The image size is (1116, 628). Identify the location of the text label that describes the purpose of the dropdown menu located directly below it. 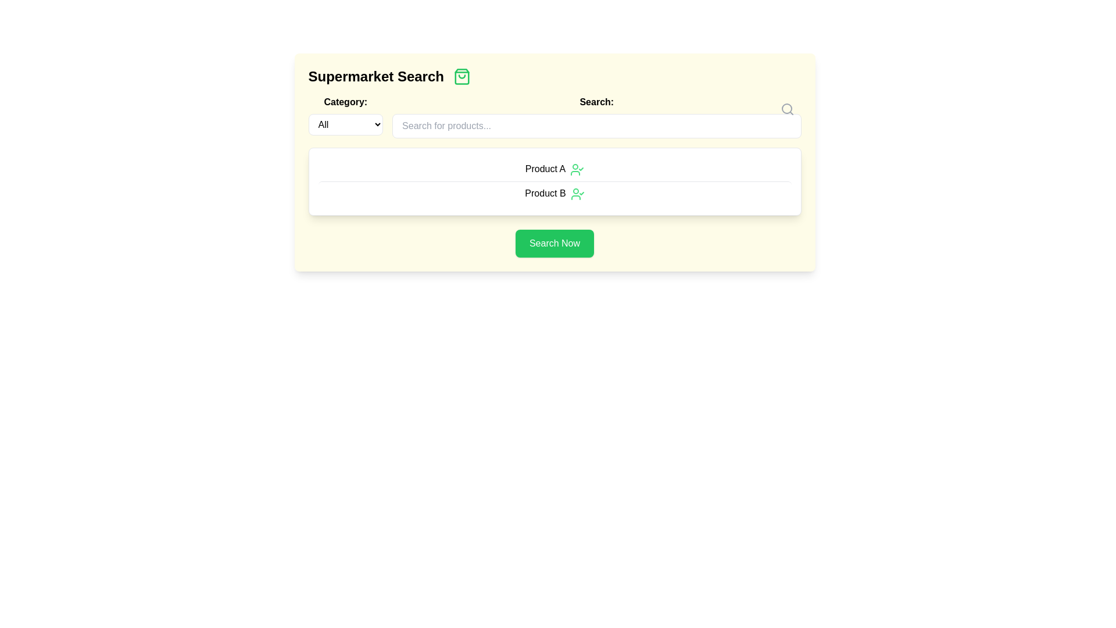
(345, 102).